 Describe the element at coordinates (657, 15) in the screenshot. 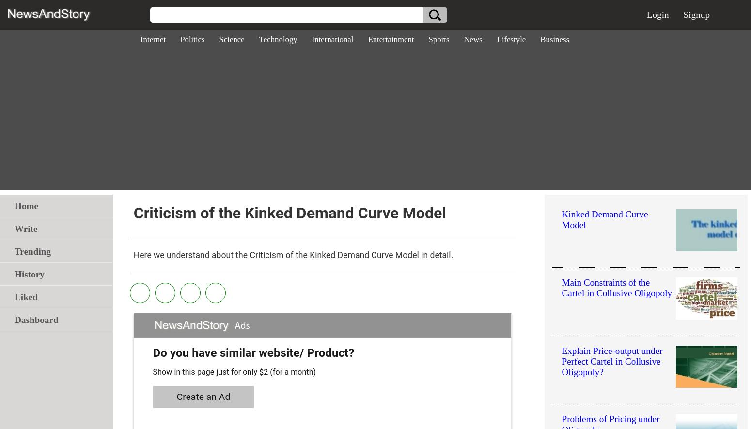

I see `'Login'` at that location.